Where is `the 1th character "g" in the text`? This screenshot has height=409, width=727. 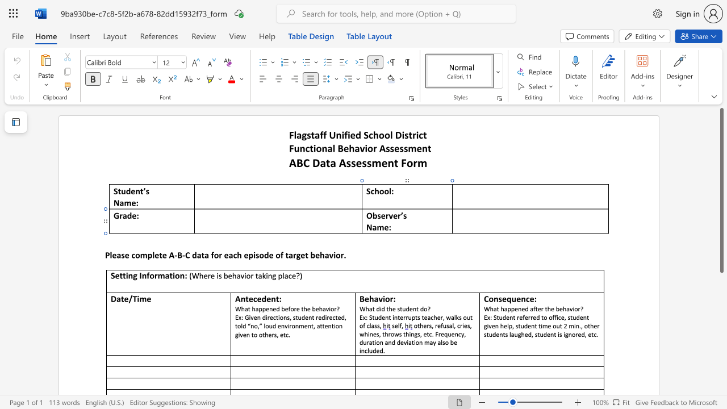 the 1th character "g" in the text is located at coordinates (236, 334).